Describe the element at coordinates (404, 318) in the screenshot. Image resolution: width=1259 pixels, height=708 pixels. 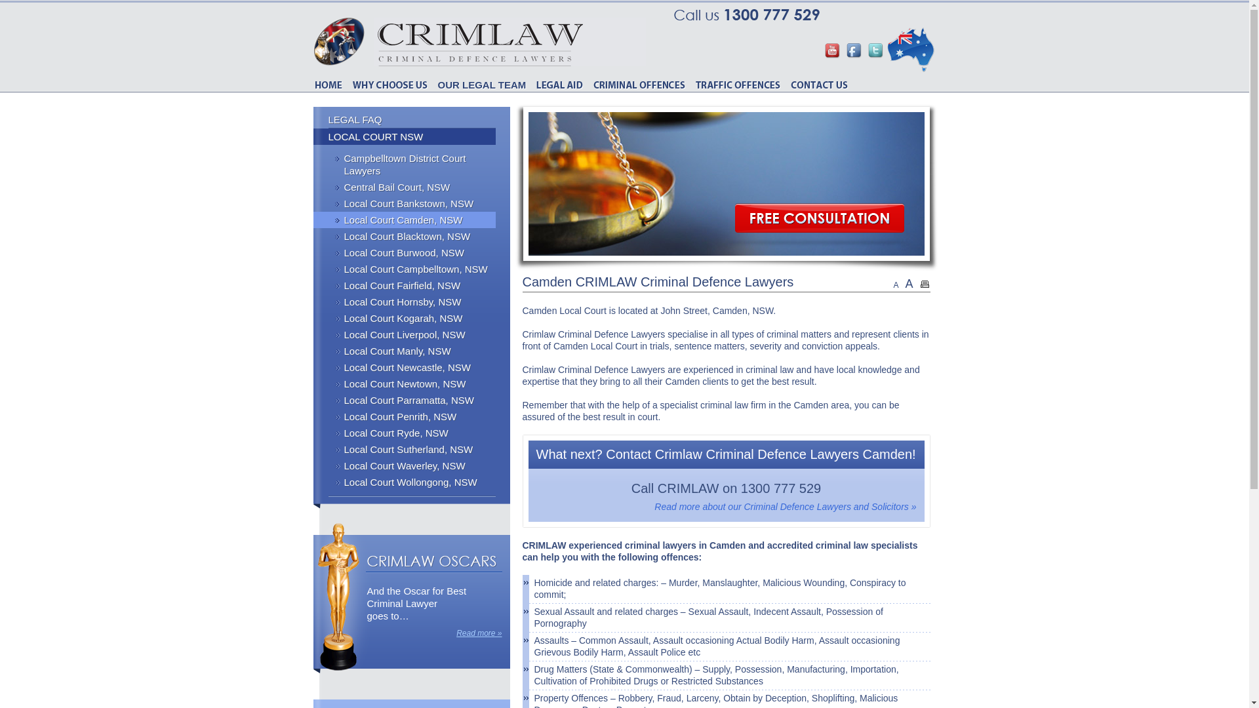
I see `'Local Court Kogarah, NSW'` at that location.